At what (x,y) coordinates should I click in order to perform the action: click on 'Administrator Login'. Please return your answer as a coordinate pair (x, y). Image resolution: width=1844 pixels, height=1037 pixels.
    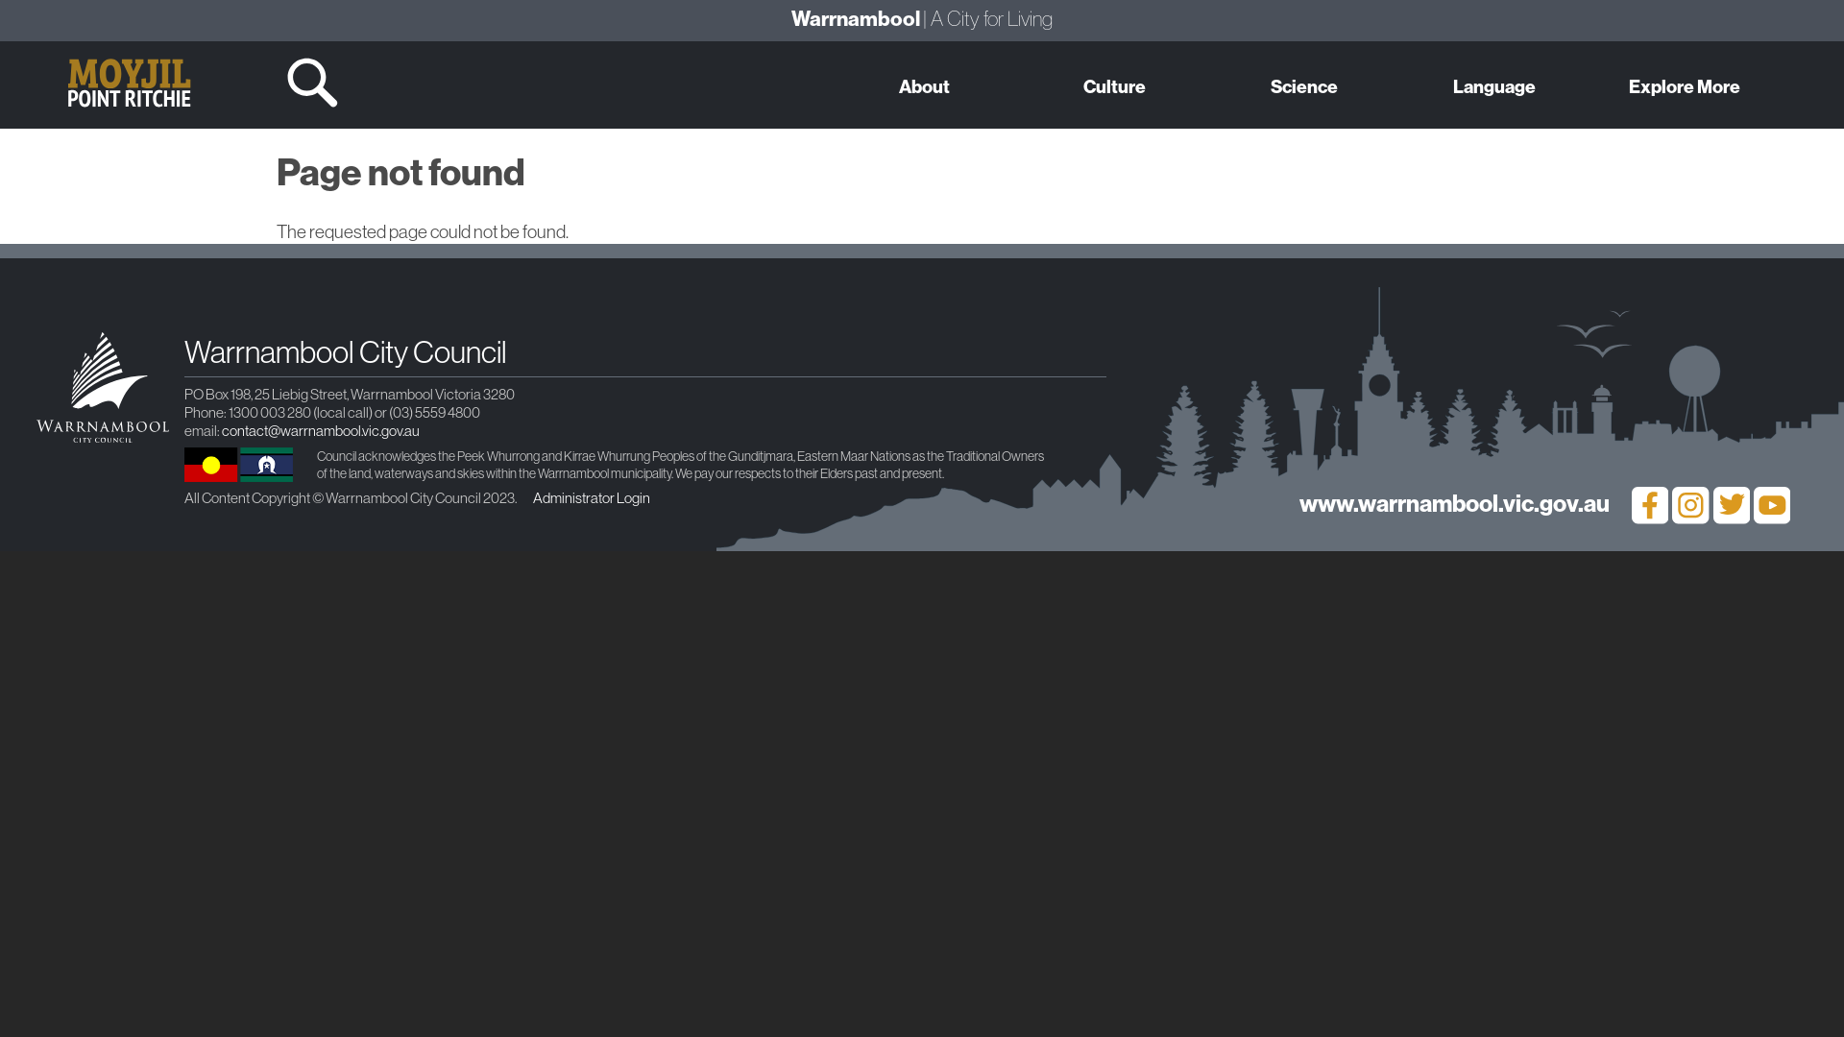
    Looking at the image, I should click on (590, 496).